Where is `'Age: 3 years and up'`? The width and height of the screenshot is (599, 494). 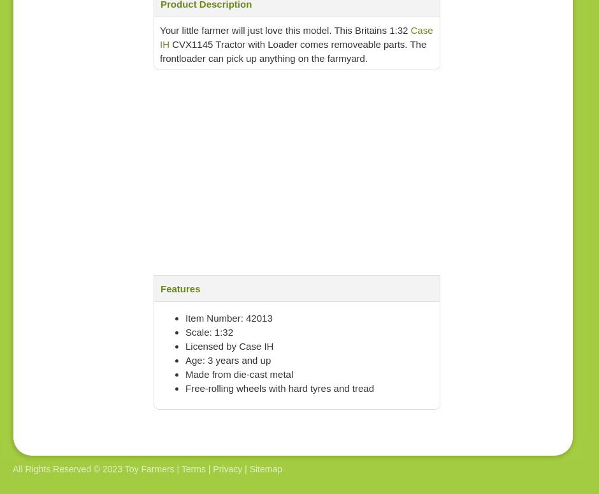 'Age: 3 years and up' is located at coordinates (227, 360).